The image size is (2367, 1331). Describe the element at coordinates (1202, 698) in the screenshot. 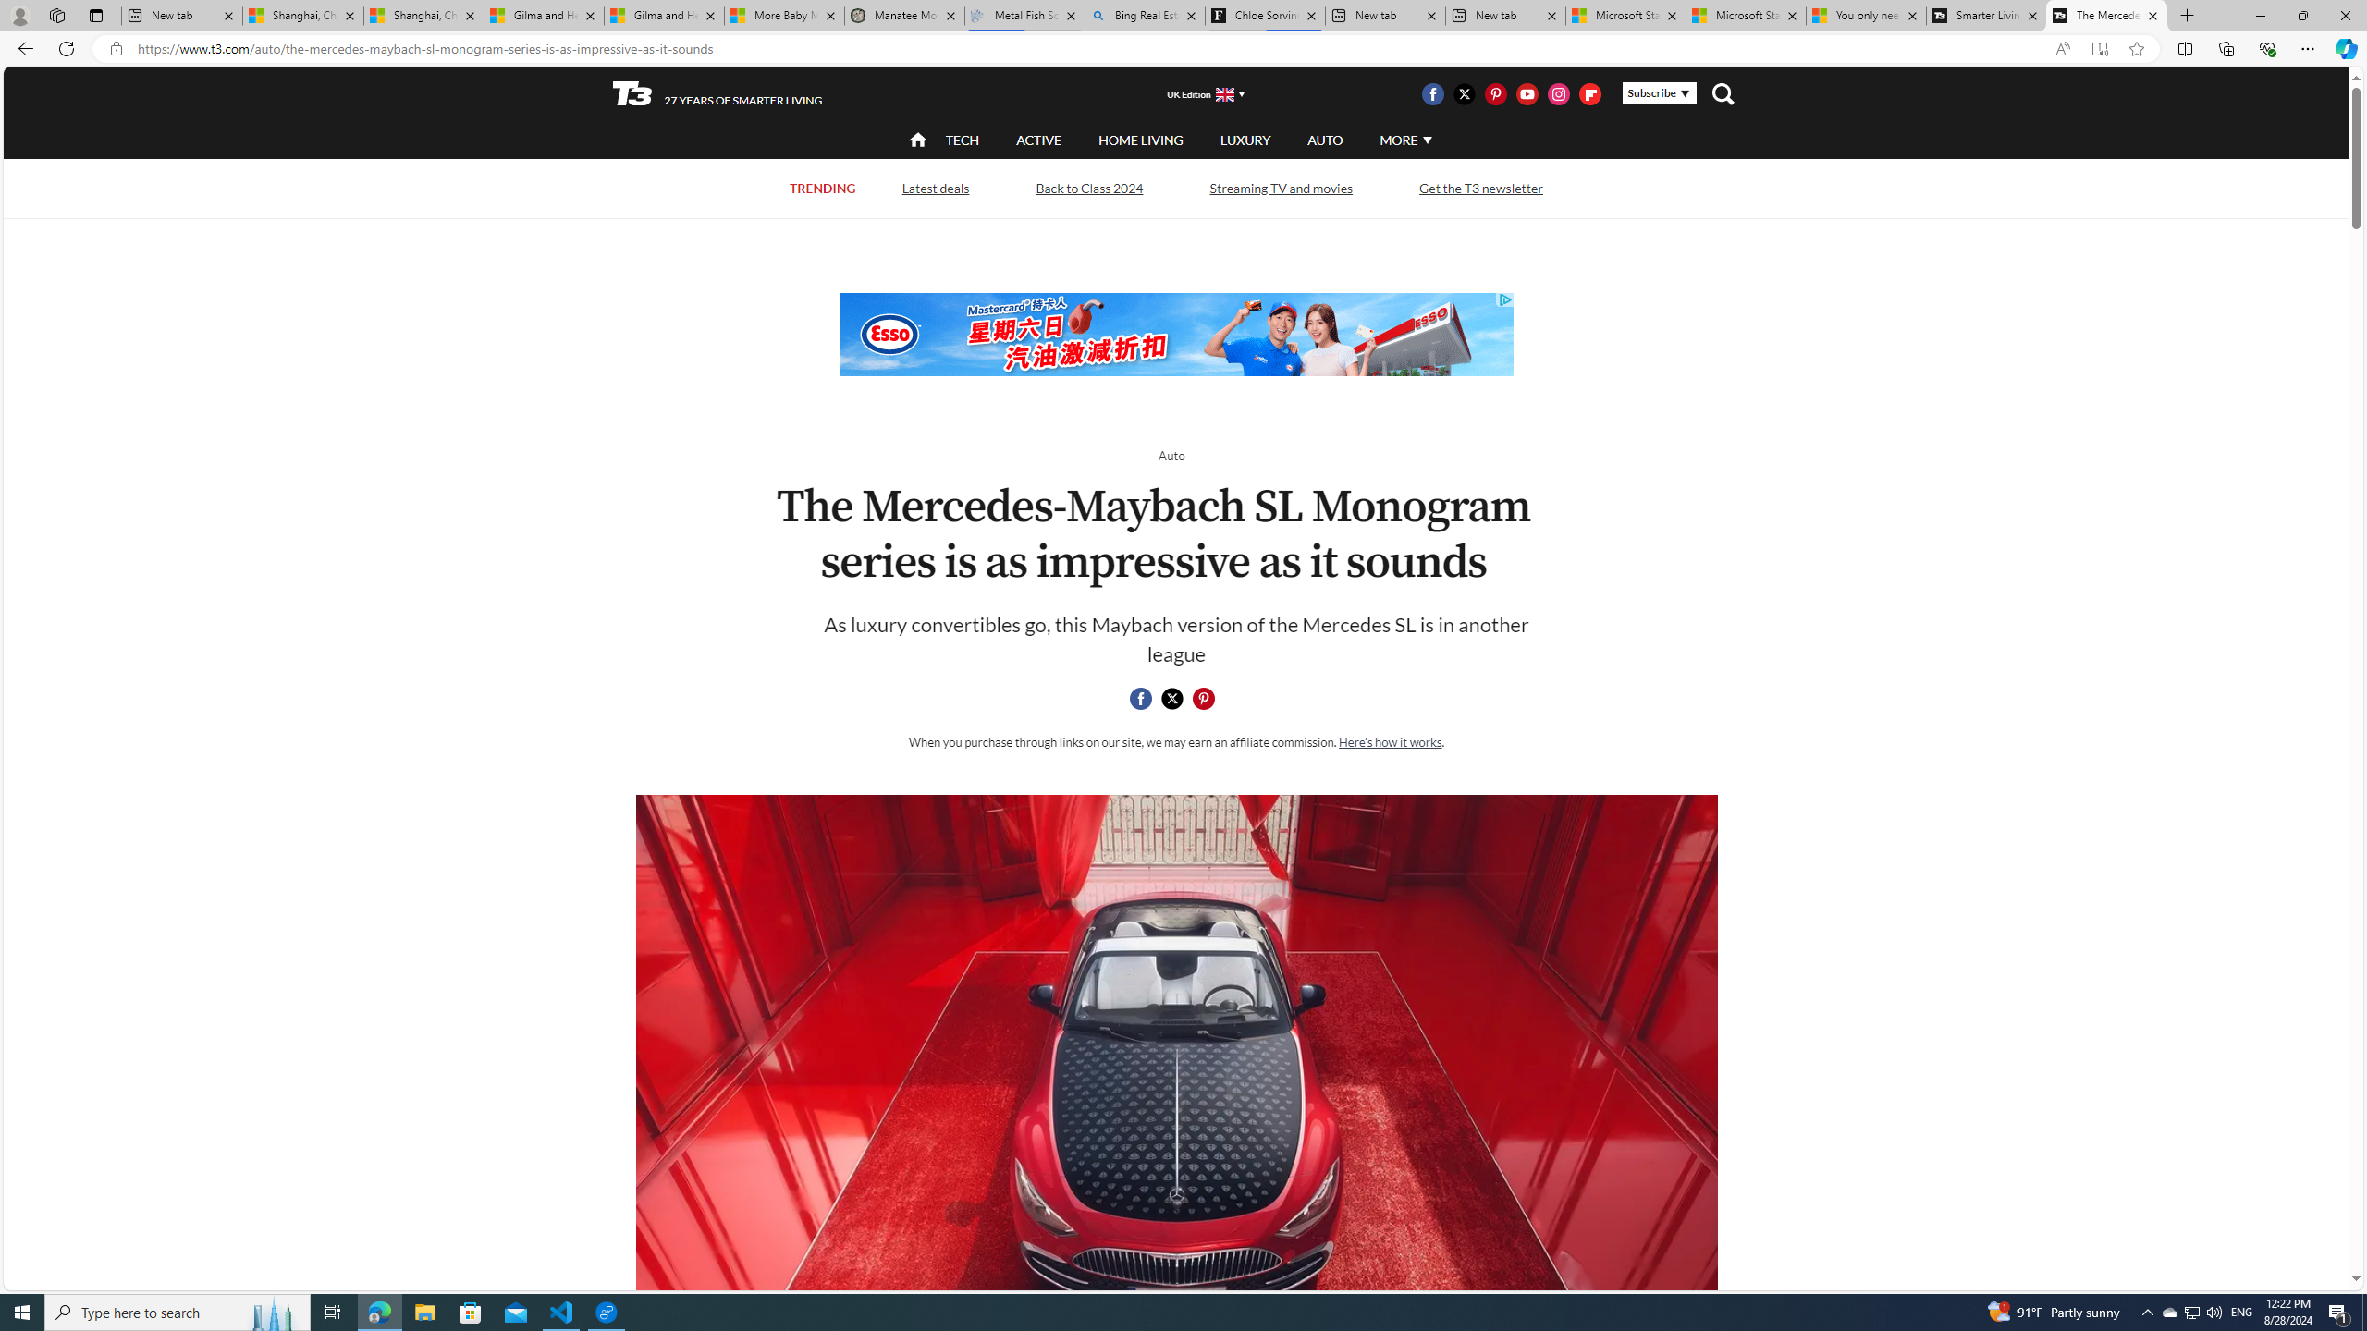

I see `'Share this page on Pintrest'` at that location.